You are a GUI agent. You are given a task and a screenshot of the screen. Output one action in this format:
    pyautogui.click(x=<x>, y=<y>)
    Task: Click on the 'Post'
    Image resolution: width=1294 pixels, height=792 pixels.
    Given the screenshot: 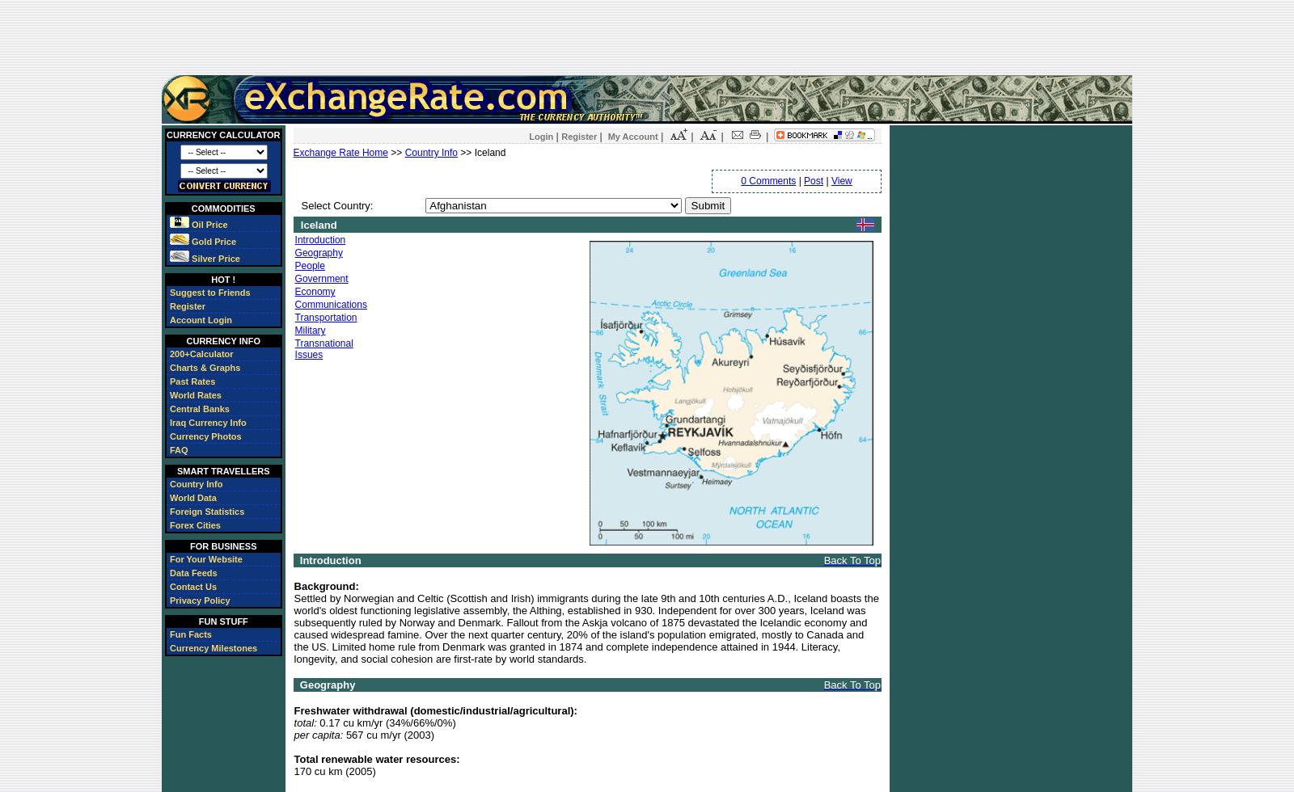 What is the action you would take?
    pyautogui.click(x=813, y=181)
    